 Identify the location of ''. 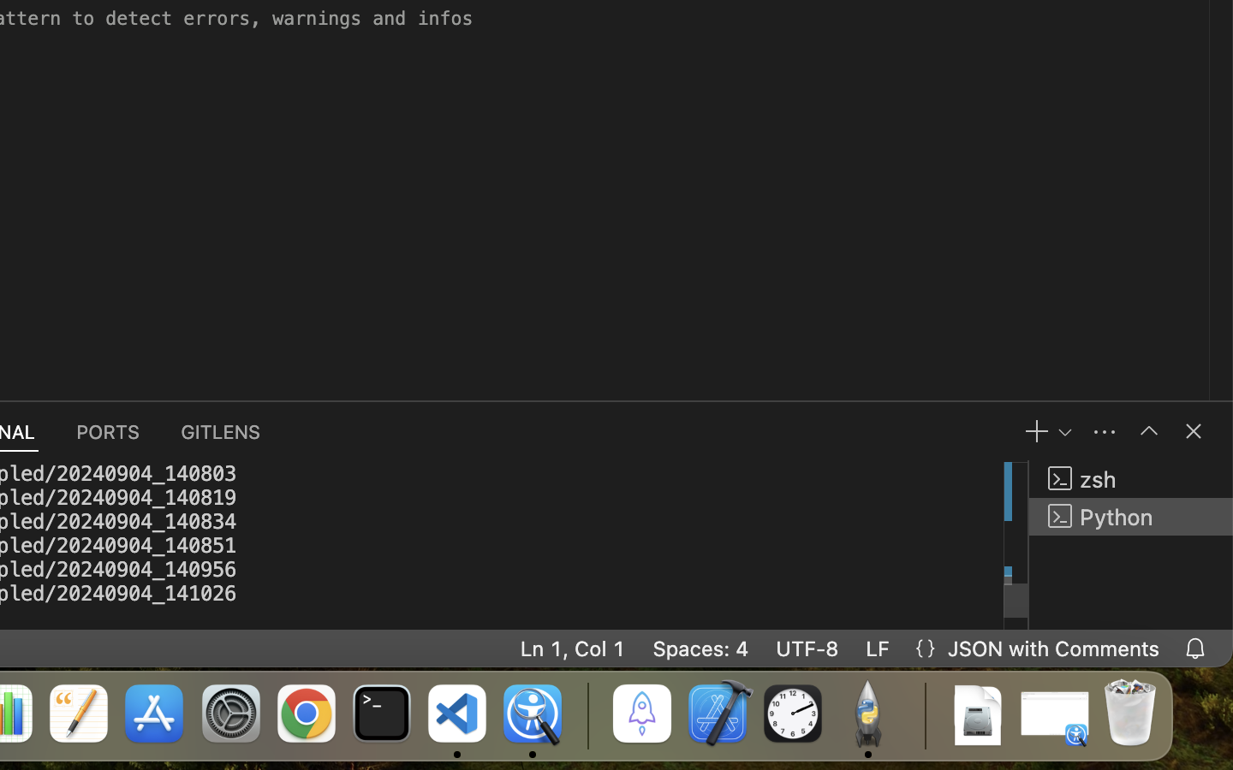
(1194, 430).